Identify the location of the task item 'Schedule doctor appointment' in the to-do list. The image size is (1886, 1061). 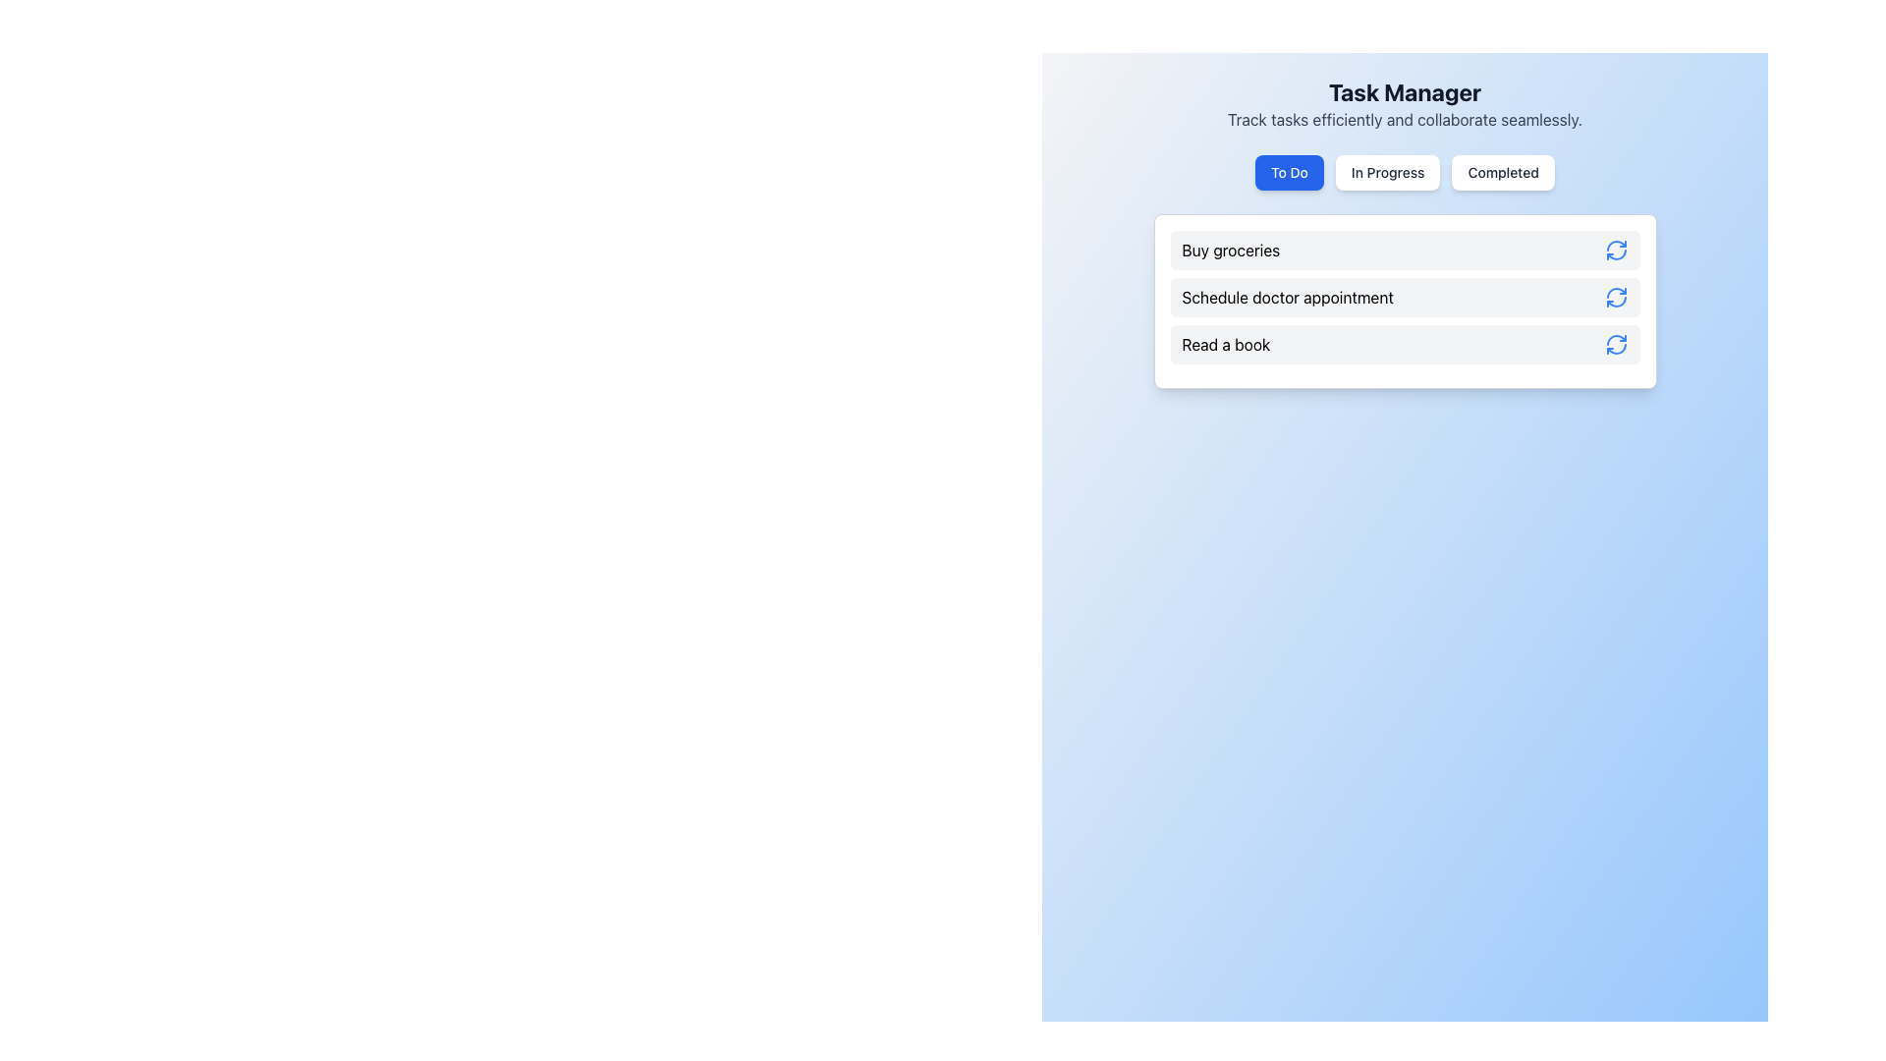
(1404, 298).